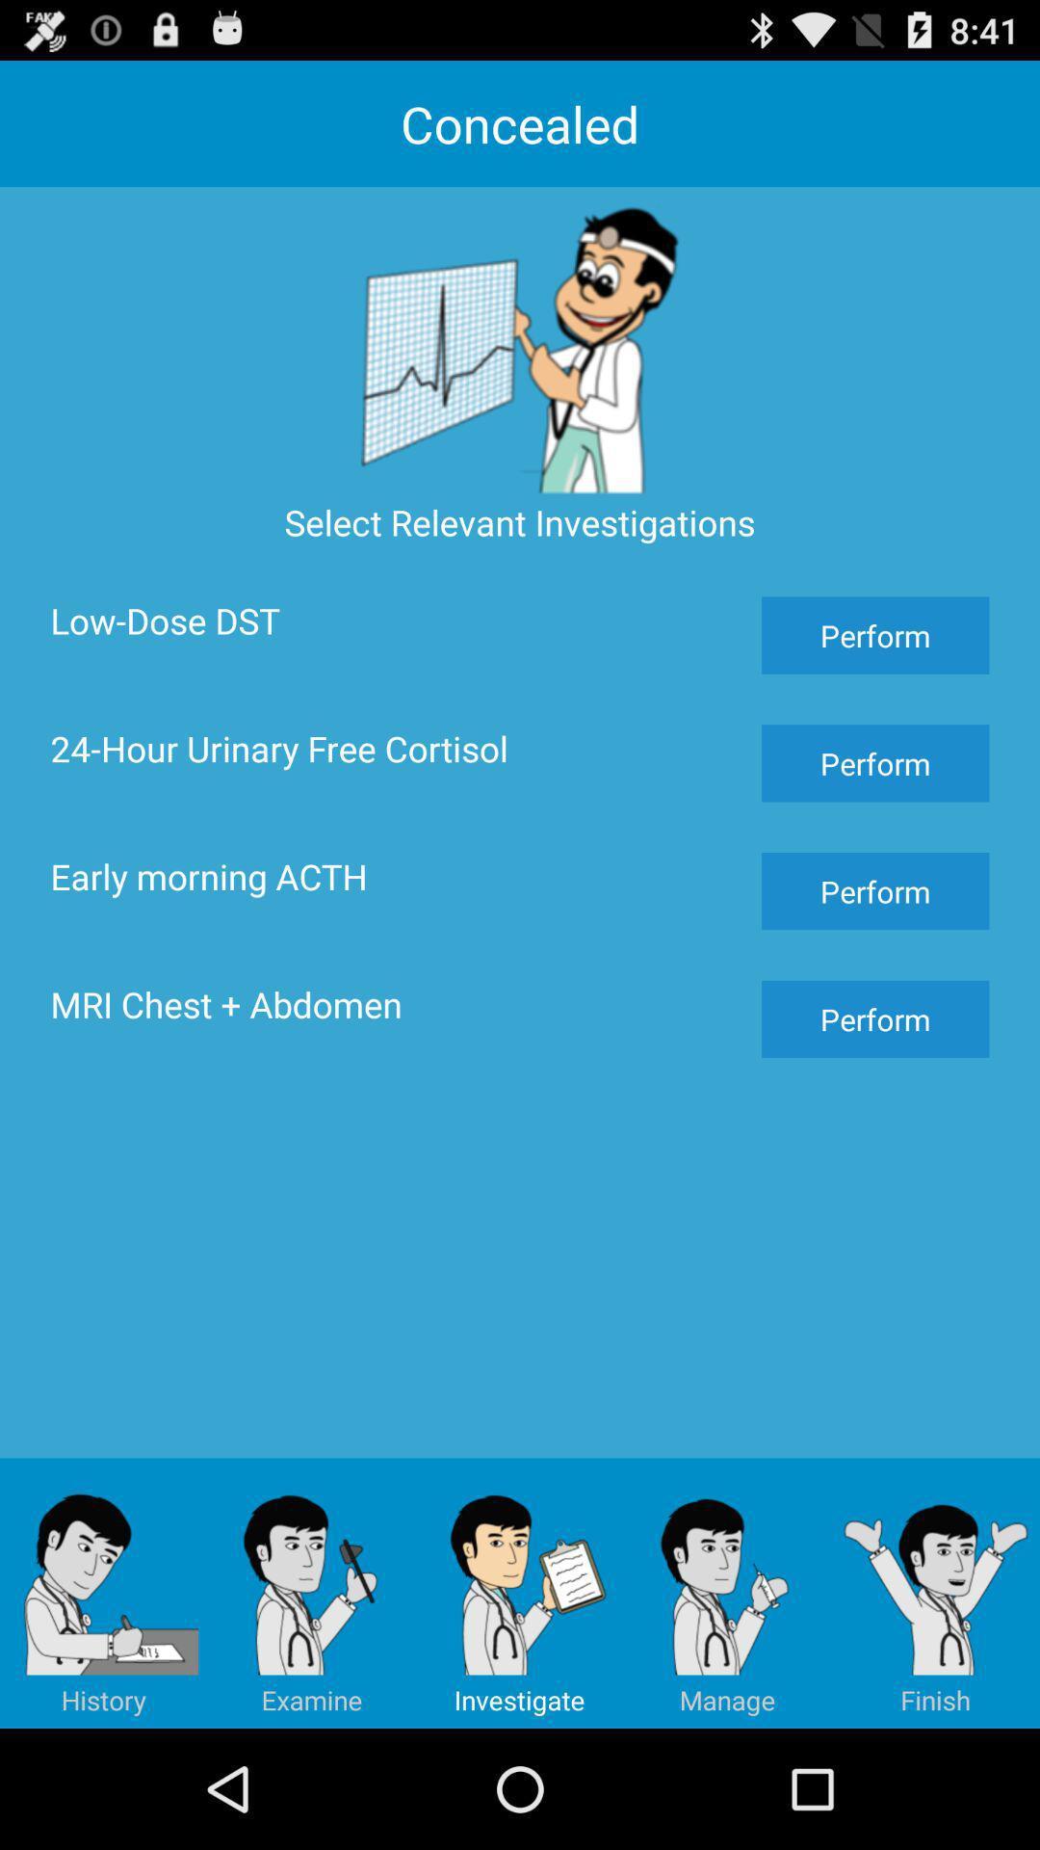 This screenshot has height=1850, width=1040. What do you see at coordinates (311, 1593) in the screenshot?
I see `app below the mri chest + abdomen app` at bounding box center [311, 1593].